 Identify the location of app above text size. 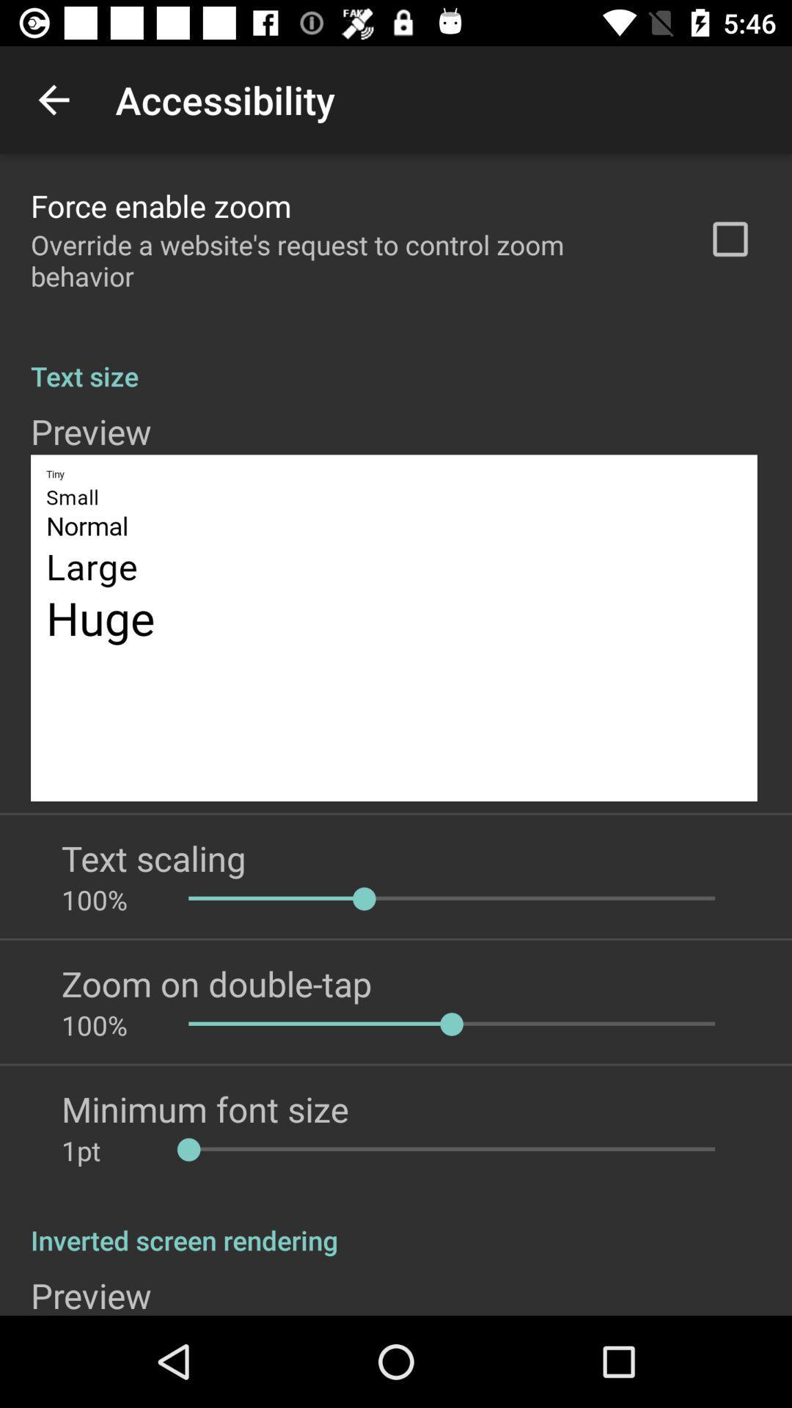
(730, 239).